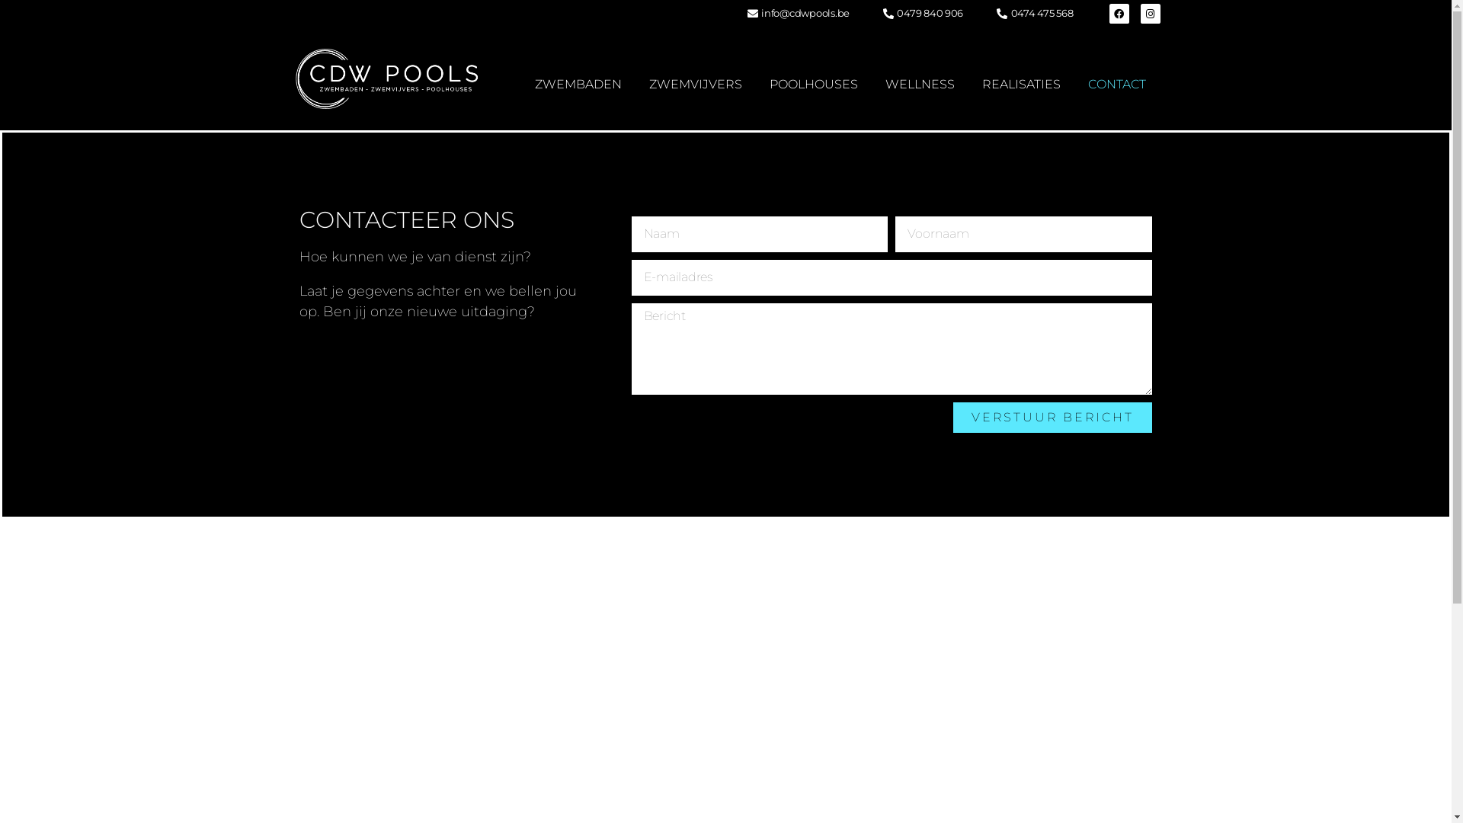 This screenshot has height=823, width=1463. Describe the element at coordinates (1052, 417) in the screenshot. I see `'VERSTUUR BERICHT'` at that location.